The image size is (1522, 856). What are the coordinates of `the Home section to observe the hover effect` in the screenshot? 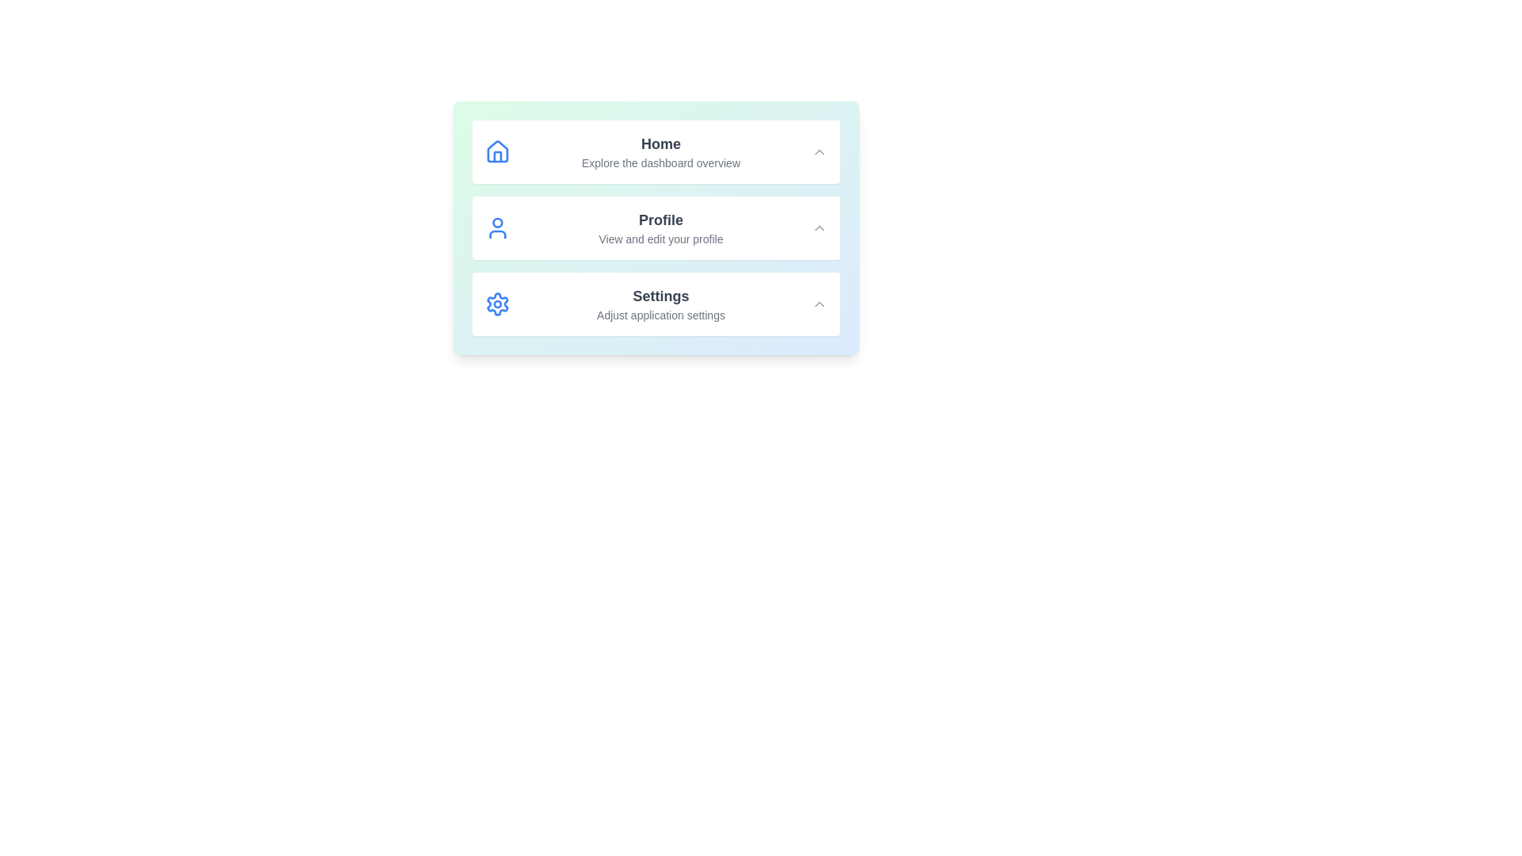 It's located at (656, 152).